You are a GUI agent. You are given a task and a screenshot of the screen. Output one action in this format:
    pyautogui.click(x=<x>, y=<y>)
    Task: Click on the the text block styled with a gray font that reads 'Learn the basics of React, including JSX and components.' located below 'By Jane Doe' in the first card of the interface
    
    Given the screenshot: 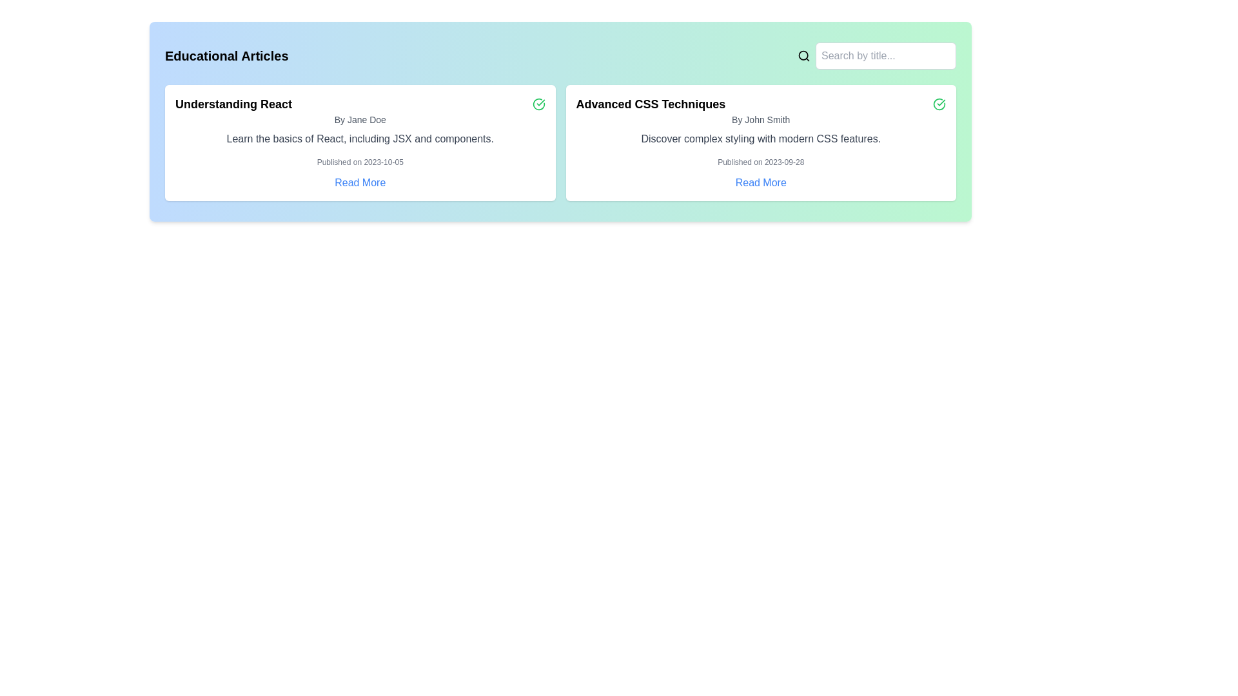 What is the action you would take?
    pyautogui.click(x=360, y=139)
    